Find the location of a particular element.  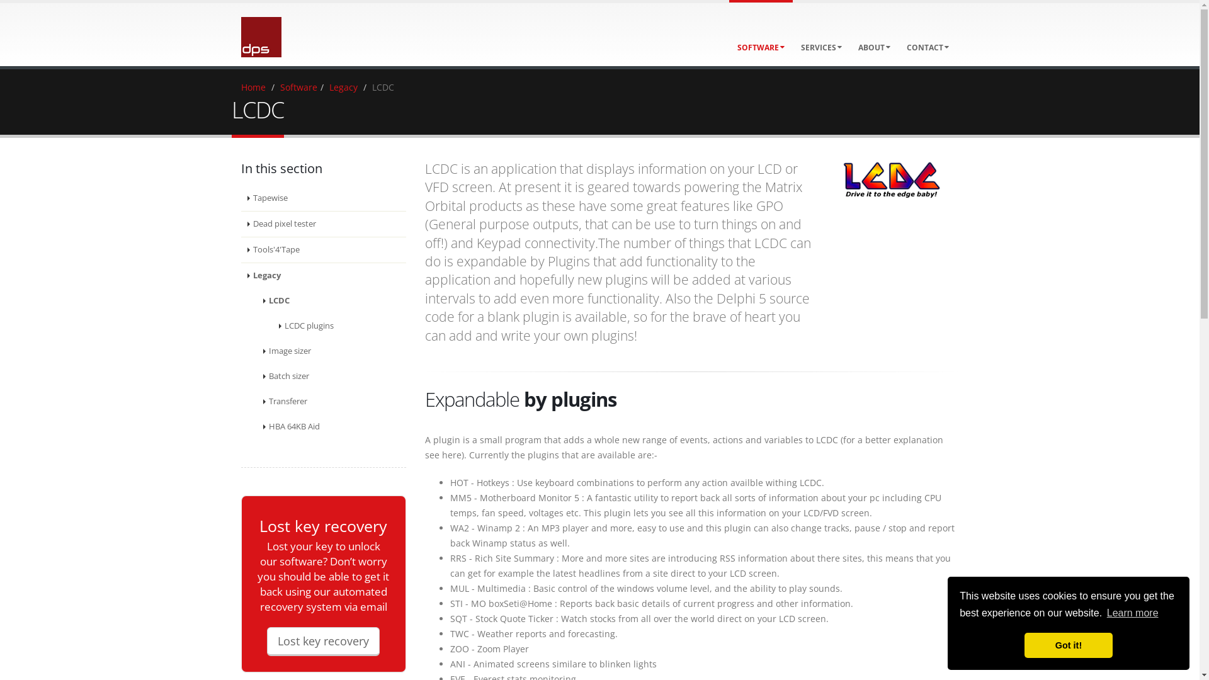

'Lost key recovery' is located at coordinates (323, 641).